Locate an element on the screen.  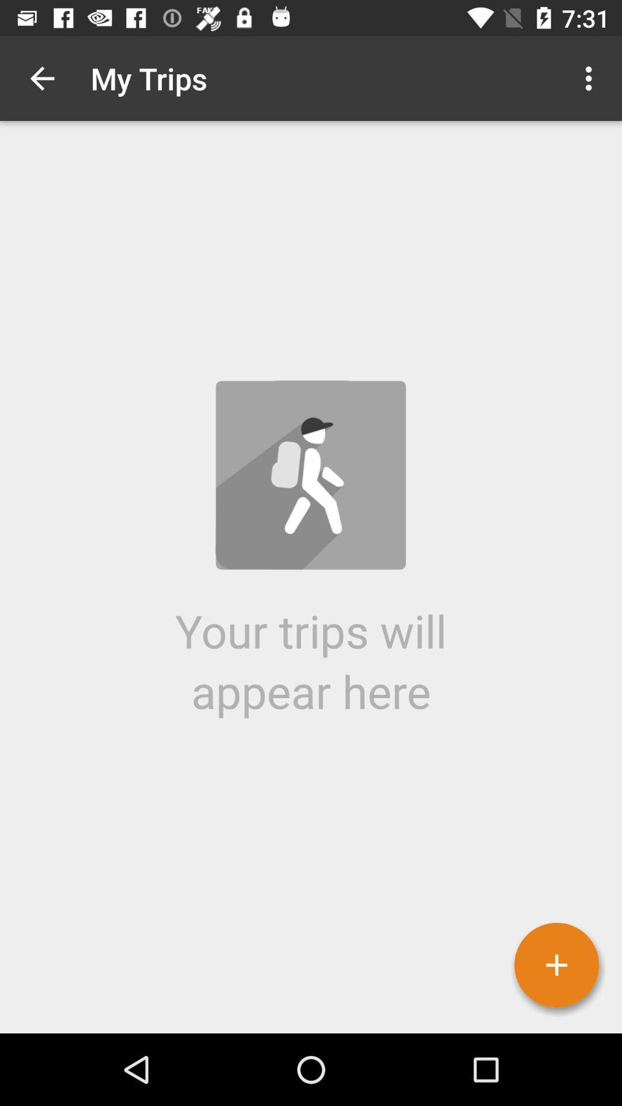
item to the right of my trips icon is located at coordinates (591, 78).